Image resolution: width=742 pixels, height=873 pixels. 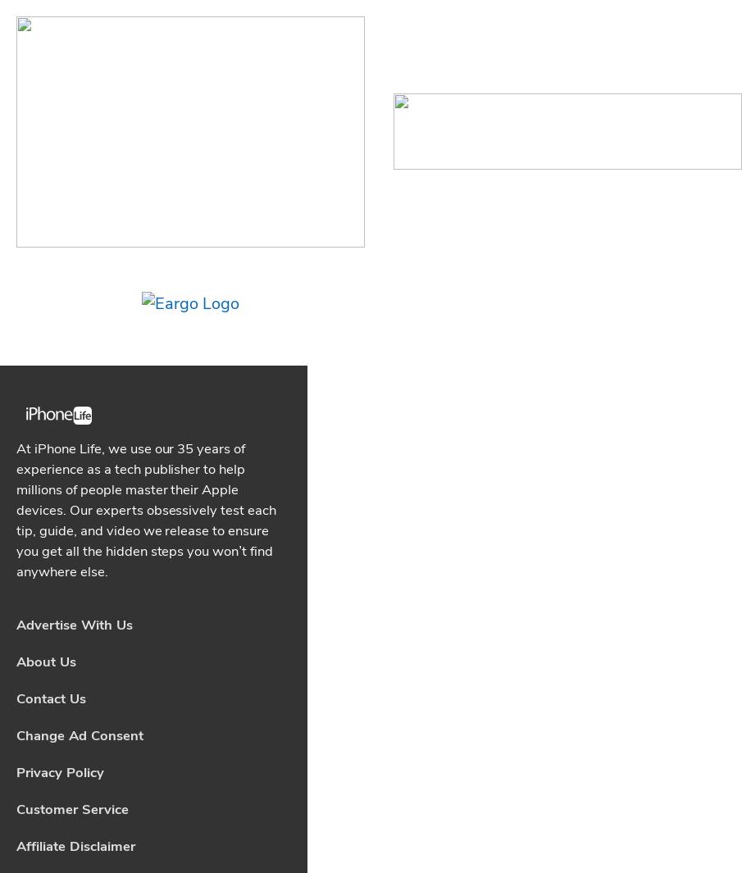 I want to click on 'What iPad Do I Have? Easily Find iPad Generation & Model', so click(x=133, y=715).